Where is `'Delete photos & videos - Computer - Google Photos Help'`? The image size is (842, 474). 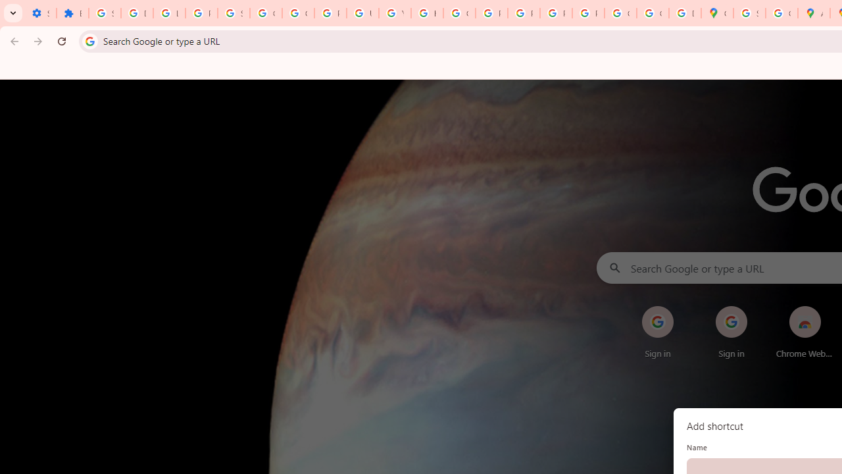
'Delete photos & videos - Computer - Google Photos Help' is located at coordinates (137, 13).